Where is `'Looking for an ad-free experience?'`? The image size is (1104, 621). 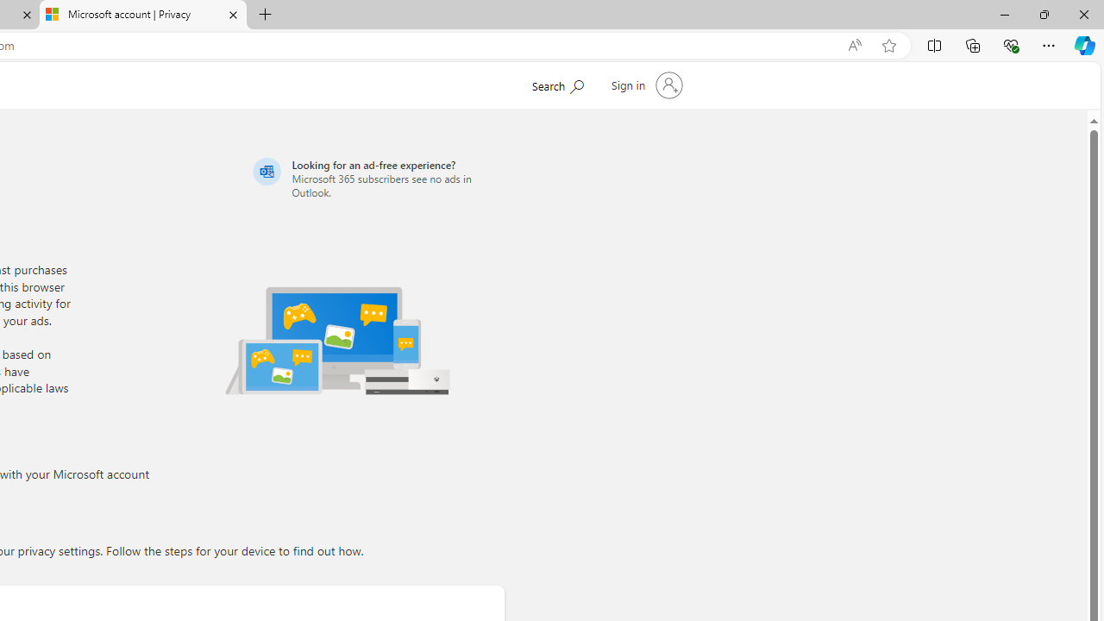 'Looking for an ad-free experience?' is located at coordinates (375, 178).